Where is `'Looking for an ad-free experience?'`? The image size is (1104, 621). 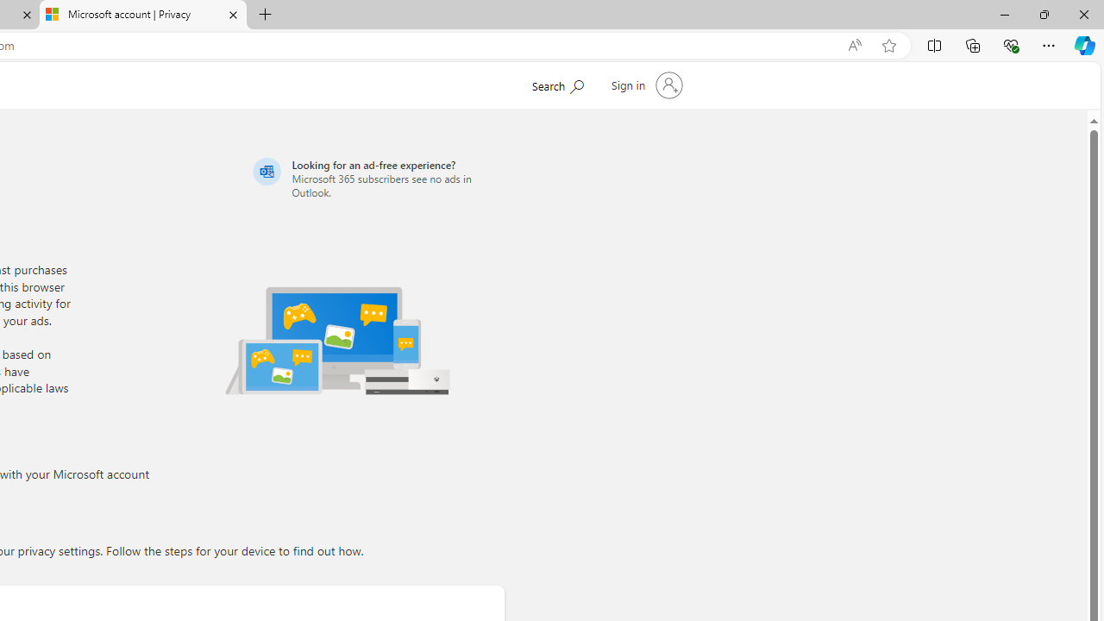 'Looking for an ad-free experience?' is located at coordinates (375, 178).